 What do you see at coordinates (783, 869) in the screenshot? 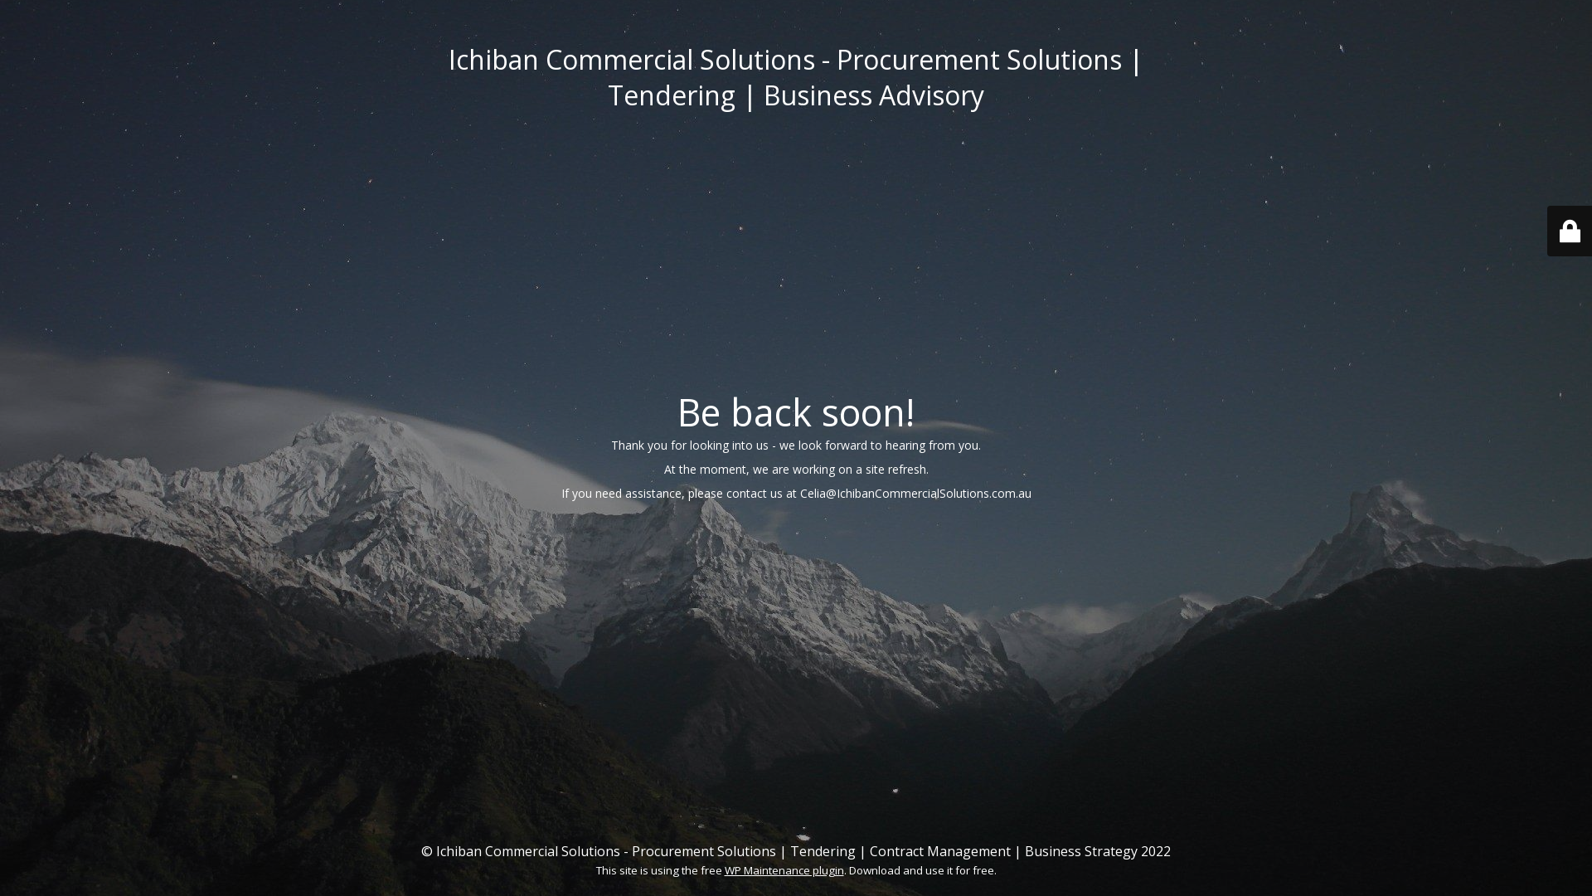
I see `'WP Maintenance plugin'` at bounding box center [783, 869].